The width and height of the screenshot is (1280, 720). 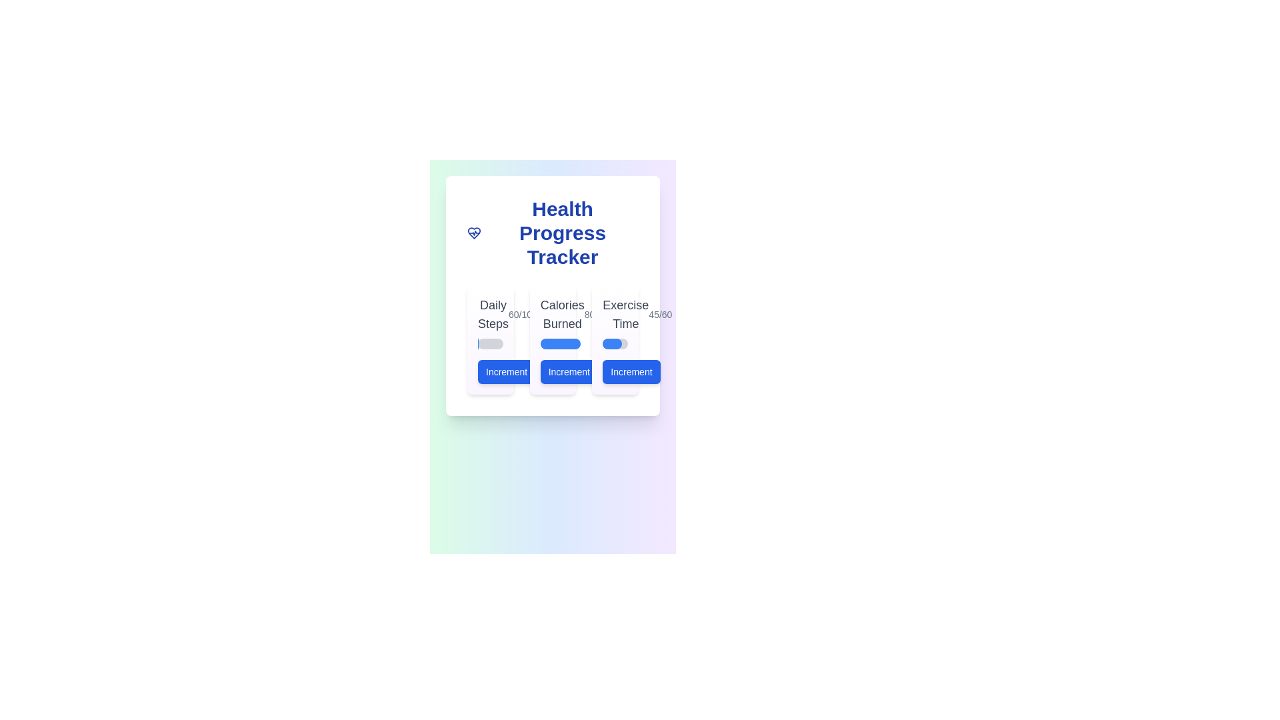 What do you see at coordinates (553, 372) in the screenshot?
I see `the second 'Increment' button with a blue background and white text, located in the 'Calories Burned' section, to observe the hover effects` at bounding box center [553, 372].